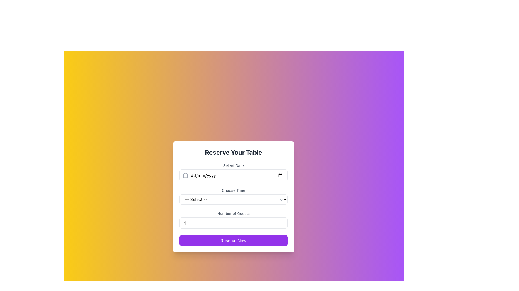 Image resolution: width=519 pixels, height=291 pixels. Describe the element at coordinates (185, 175) in the screenshot. I see `the date selection icon located in the top left corner of the adjacent date input field to recognize its functionality` at that location.